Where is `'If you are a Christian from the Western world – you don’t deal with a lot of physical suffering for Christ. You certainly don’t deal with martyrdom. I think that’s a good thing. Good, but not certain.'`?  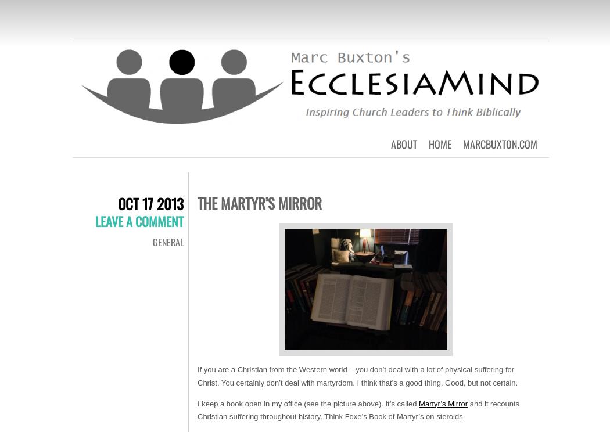 'If you are a Christian from the Western world – you don’t deal with a lot of physical suffering for Christ. You certainly don’t deal with martyrdom. I think that’s a good thing. Good, but not certain.' is located at coordinates (357, 376).